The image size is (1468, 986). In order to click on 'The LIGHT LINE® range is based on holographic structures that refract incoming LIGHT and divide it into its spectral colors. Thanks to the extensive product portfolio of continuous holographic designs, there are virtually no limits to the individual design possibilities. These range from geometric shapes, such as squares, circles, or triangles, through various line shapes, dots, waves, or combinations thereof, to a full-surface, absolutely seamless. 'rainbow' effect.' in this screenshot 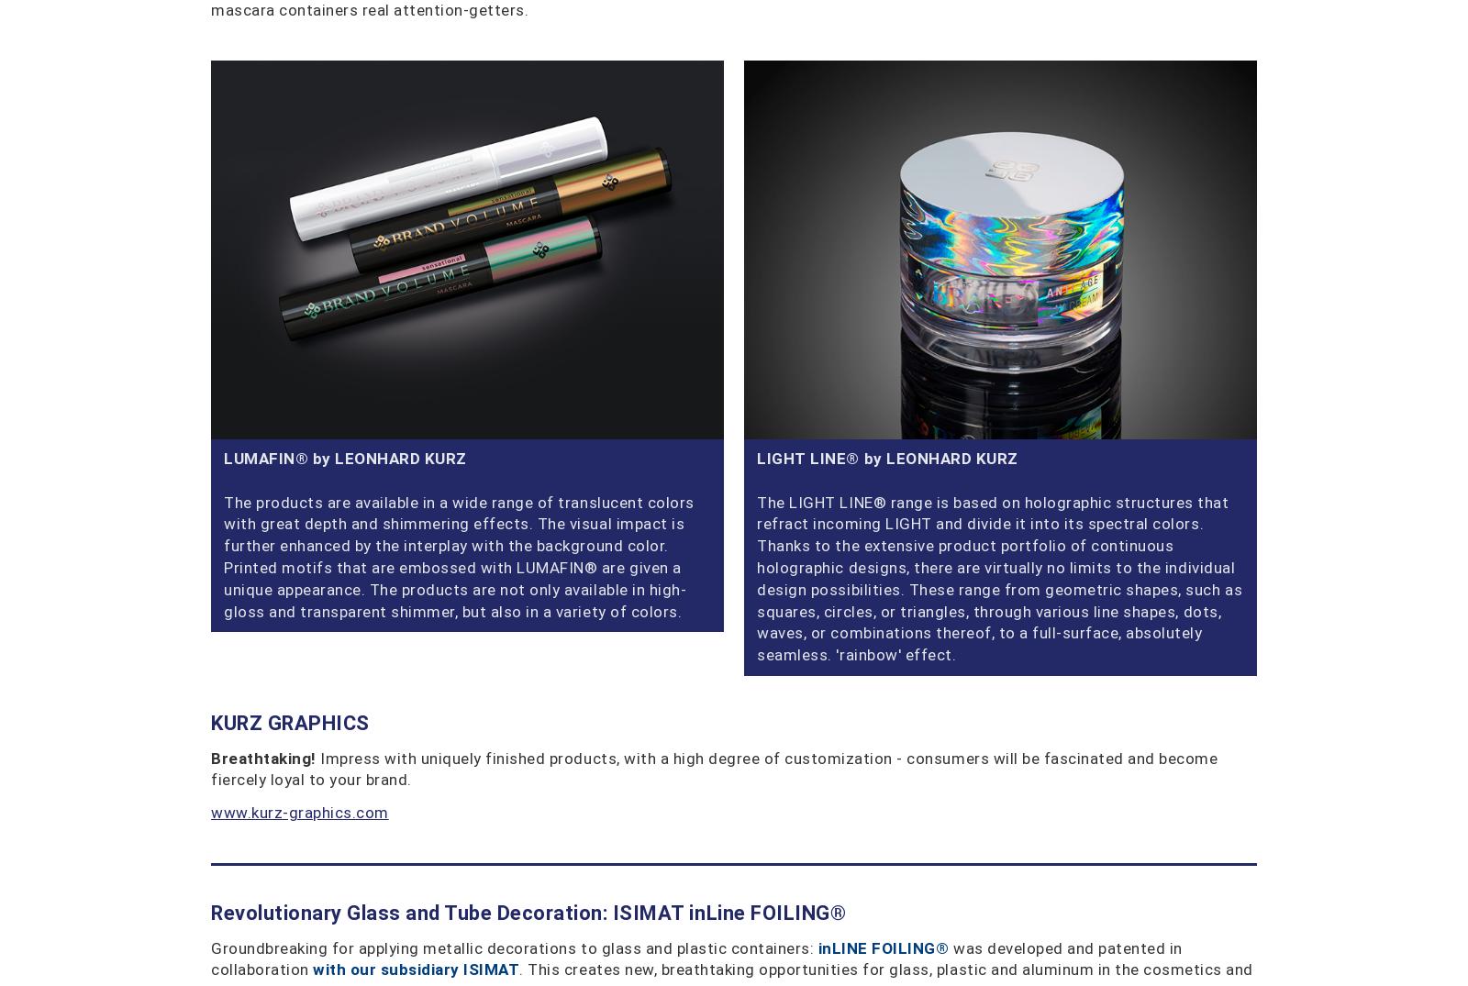, I will do `click(999, 577)`.